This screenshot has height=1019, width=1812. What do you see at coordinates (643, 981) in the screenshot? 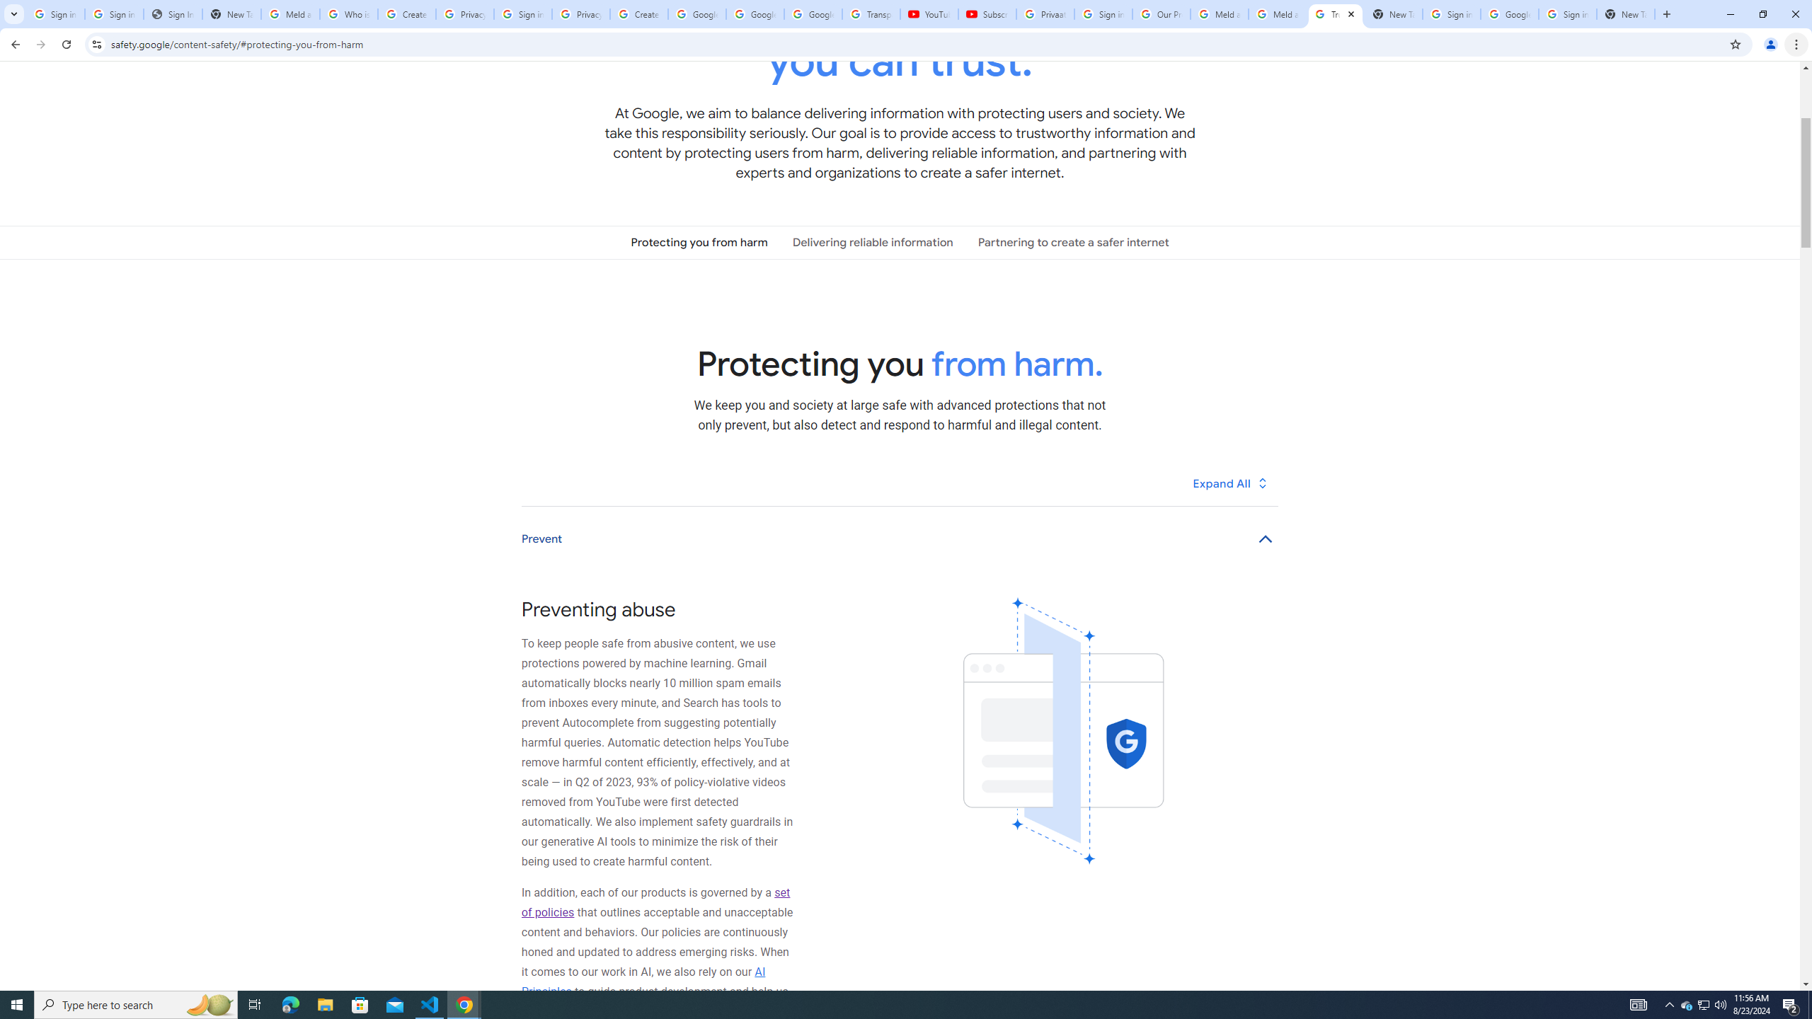
I see `'AI Principles'` at bounding box center [643, 981].